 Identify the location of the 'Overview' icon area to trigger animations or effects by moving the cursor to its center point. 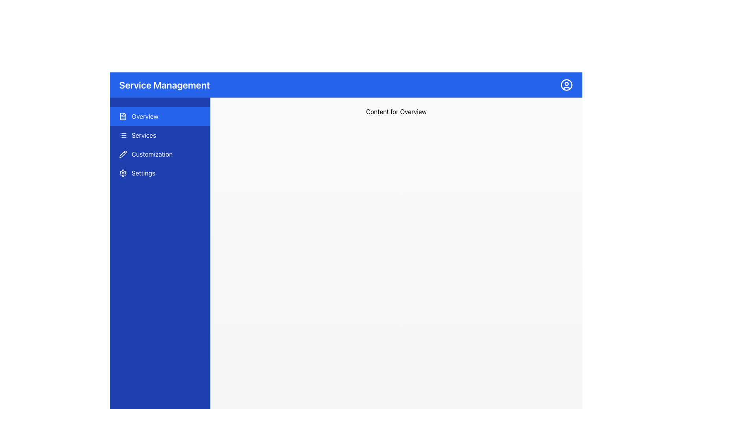
(122, 116).